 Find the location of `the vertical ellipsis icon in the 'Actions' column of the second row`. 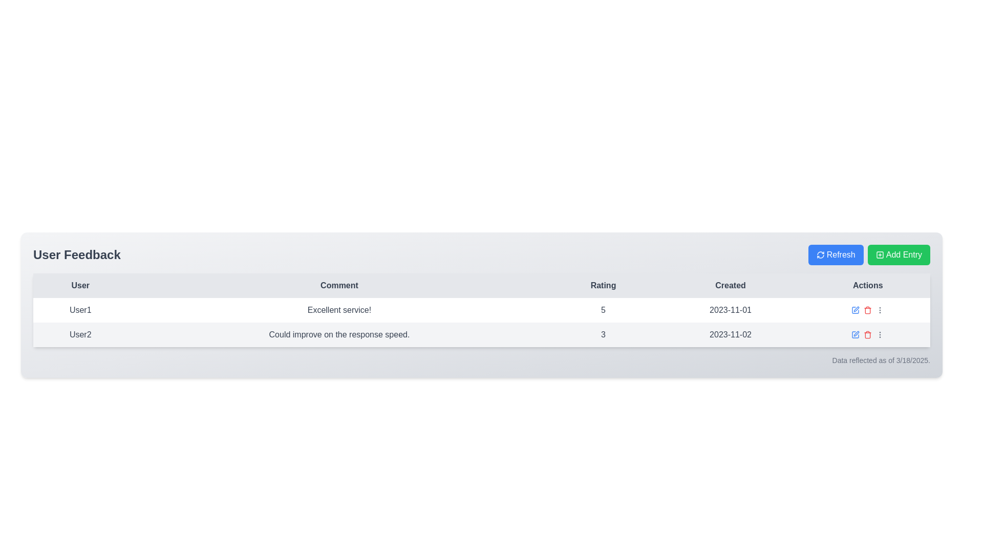

the vertical ellipsis icon in the 'Actions' column of the second row is located at coordinates (880, 335).